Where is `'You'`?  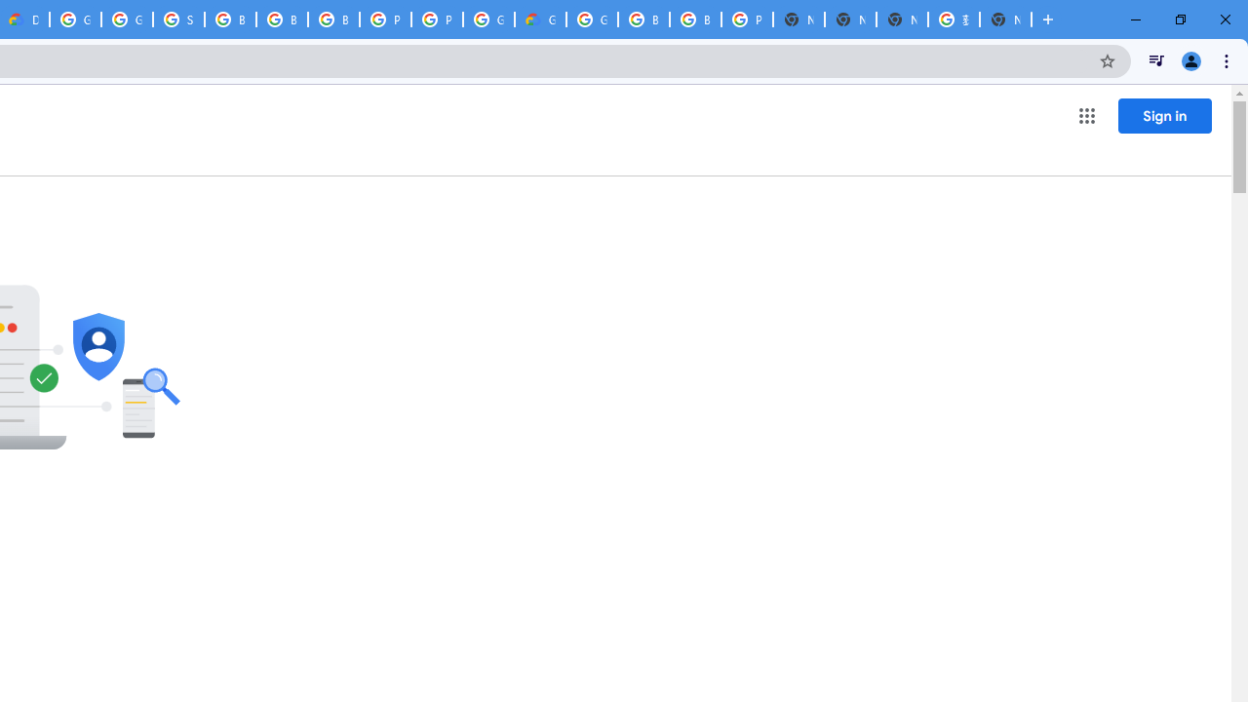
'You' is located at coordinates (1189, 59).